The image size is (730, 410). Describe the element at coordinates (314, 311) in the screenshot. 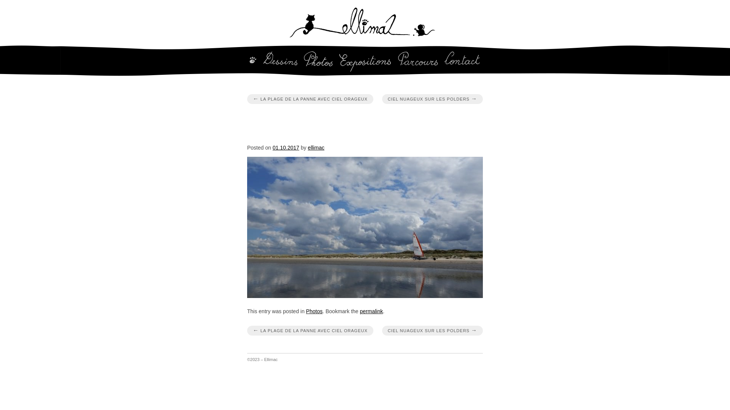

I see `'Photos'` at that location.